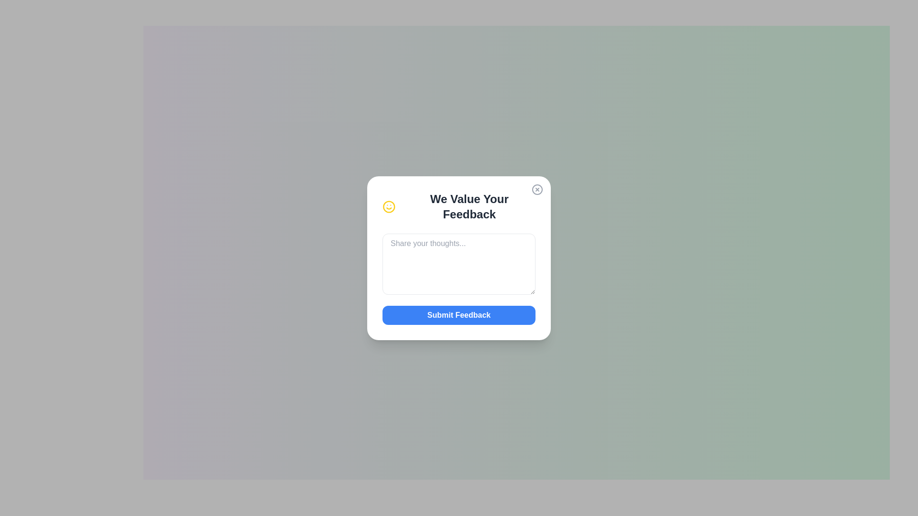 The height and width of the screenshot is (516, 918). Describe the element at coordinates (537, 189) in the screenshot. I see `the small circular icon with a defined border color located in the top-right corner of the feedback modal` at that location.